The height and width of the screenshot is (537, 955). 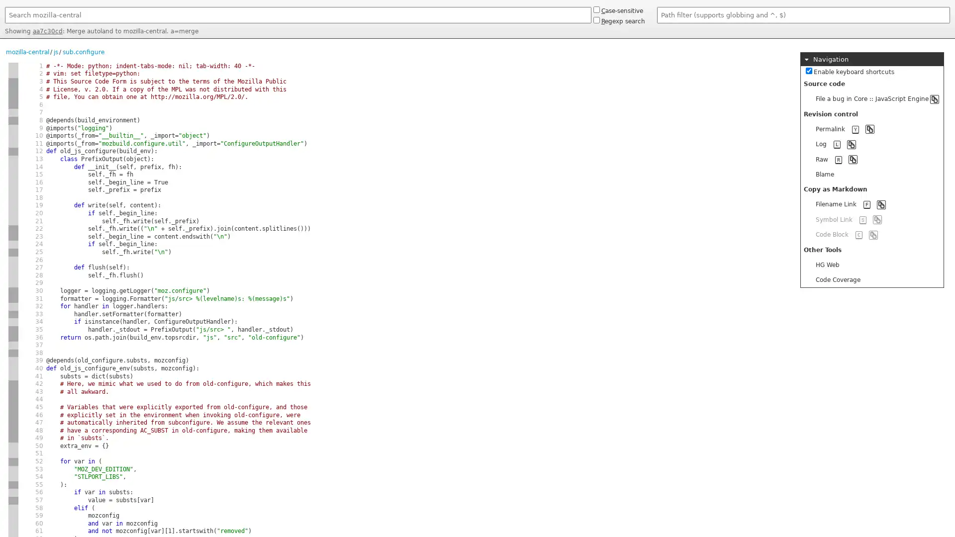 What do you see at coordinates (13, 493) in the screenshot?
I see `new hash 5` at bounding box center [13, 493].